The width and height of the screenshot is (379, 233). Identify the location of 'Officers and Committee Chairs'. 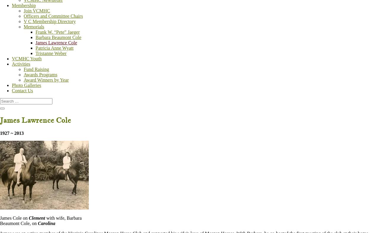
(53, 16).